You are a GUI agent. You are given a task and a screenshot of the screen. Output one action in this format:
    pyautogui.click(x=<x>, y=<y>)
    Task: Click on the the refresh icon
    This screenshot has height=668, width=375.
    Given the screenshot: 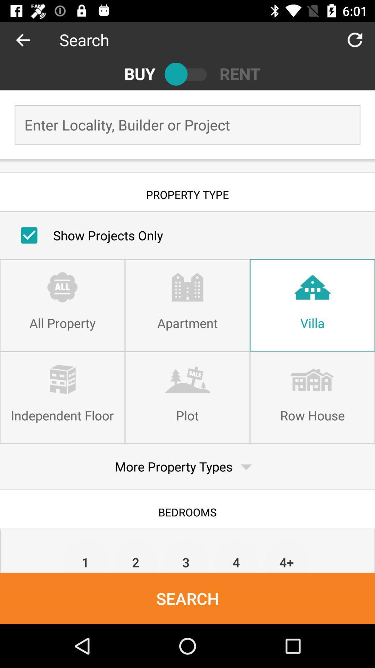 What is the action you would take?
    pyautogui.click(x=355, y=39)
    